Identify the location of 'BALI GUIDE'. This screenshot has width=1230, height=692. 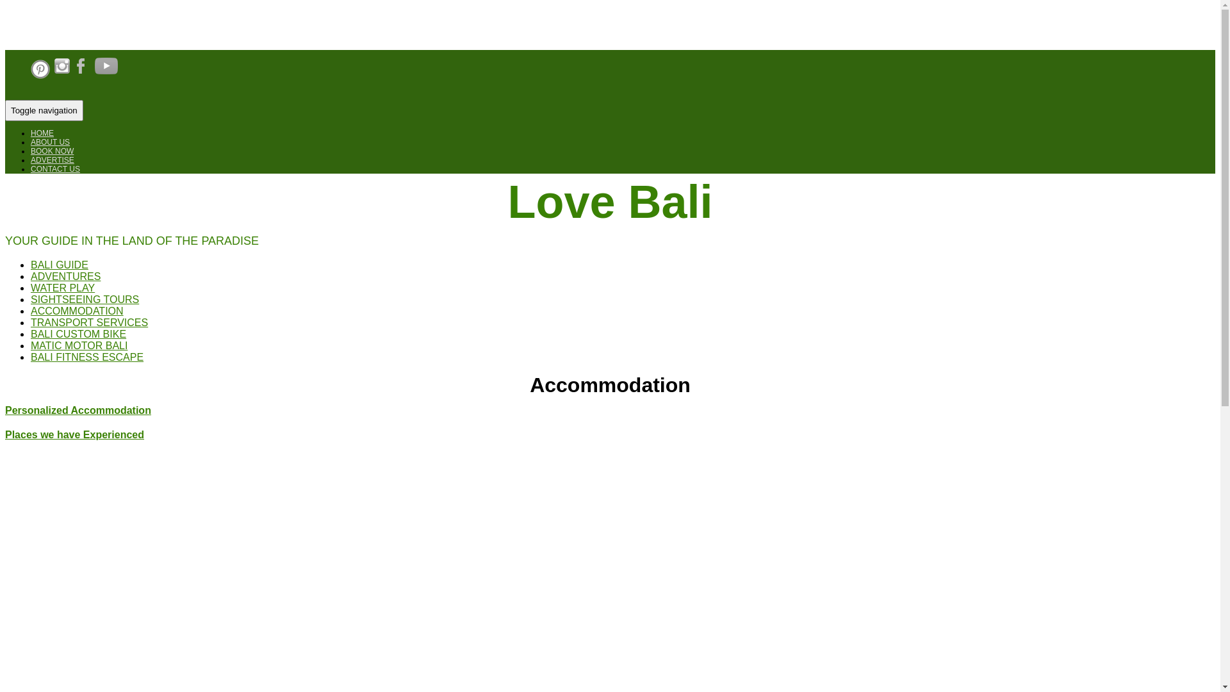
(58, 264).